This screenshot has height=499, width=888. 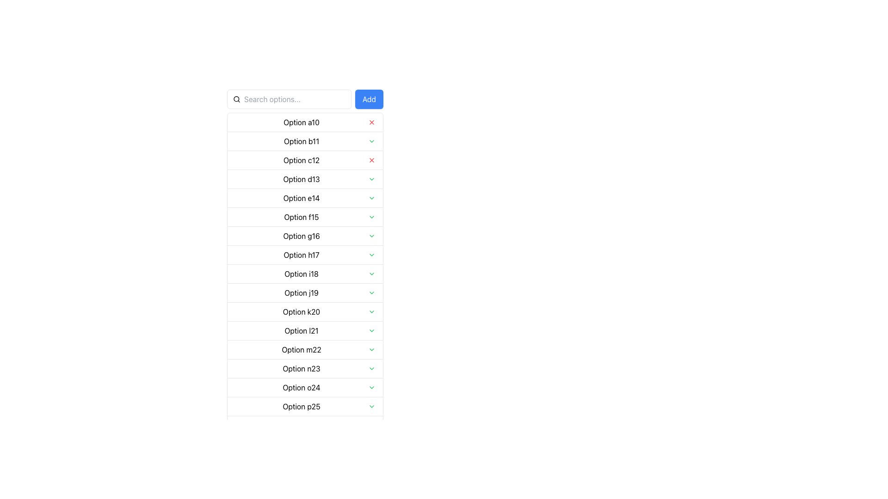 What do you see at coordinates (372, 197) in the screenshot?
I see `the icon located at the far right of the 'Option e14' row` at bounding box center [372, 197].